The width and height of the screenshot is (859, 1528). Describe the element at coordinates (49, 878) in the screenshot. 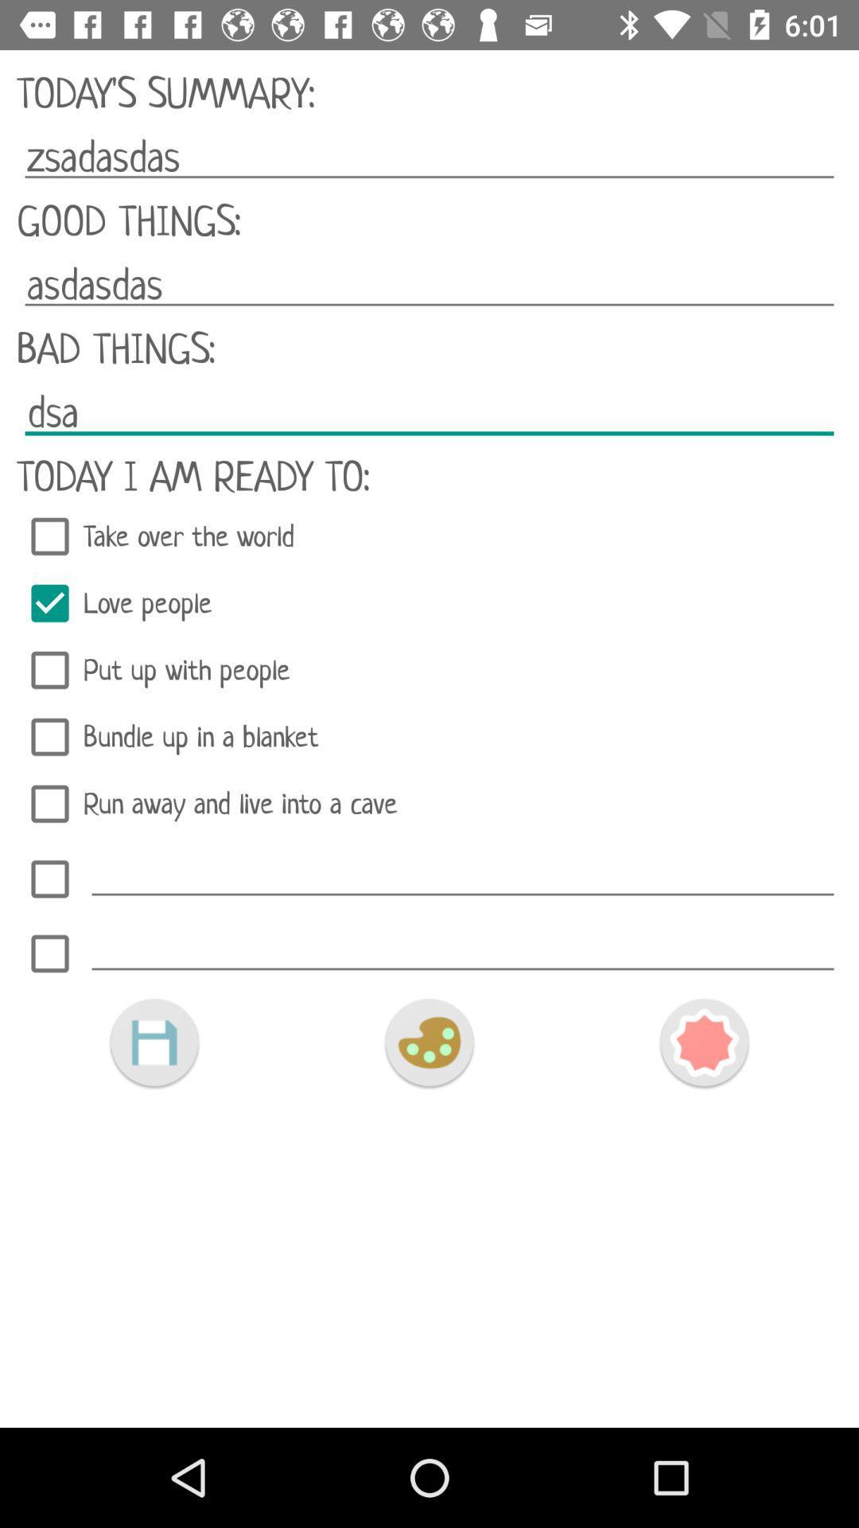

I see `reminder` at that location.